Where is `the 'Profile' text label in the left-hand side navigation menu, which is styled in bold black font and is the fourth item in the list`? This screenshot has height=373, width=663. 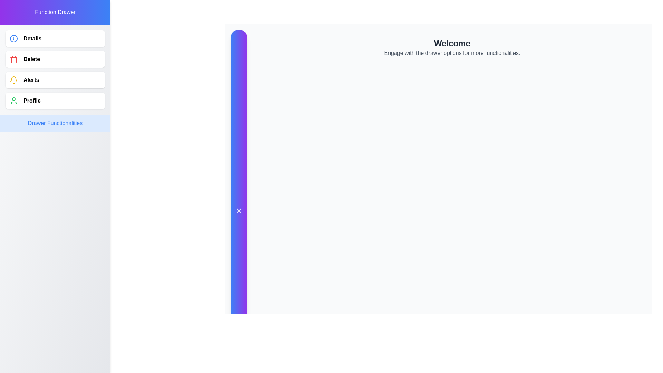 the 'Profile' text label in the left-hand side navigation menu, which is styled in bold black font and is the fourth item in the list is located at coordinates (31, 101).